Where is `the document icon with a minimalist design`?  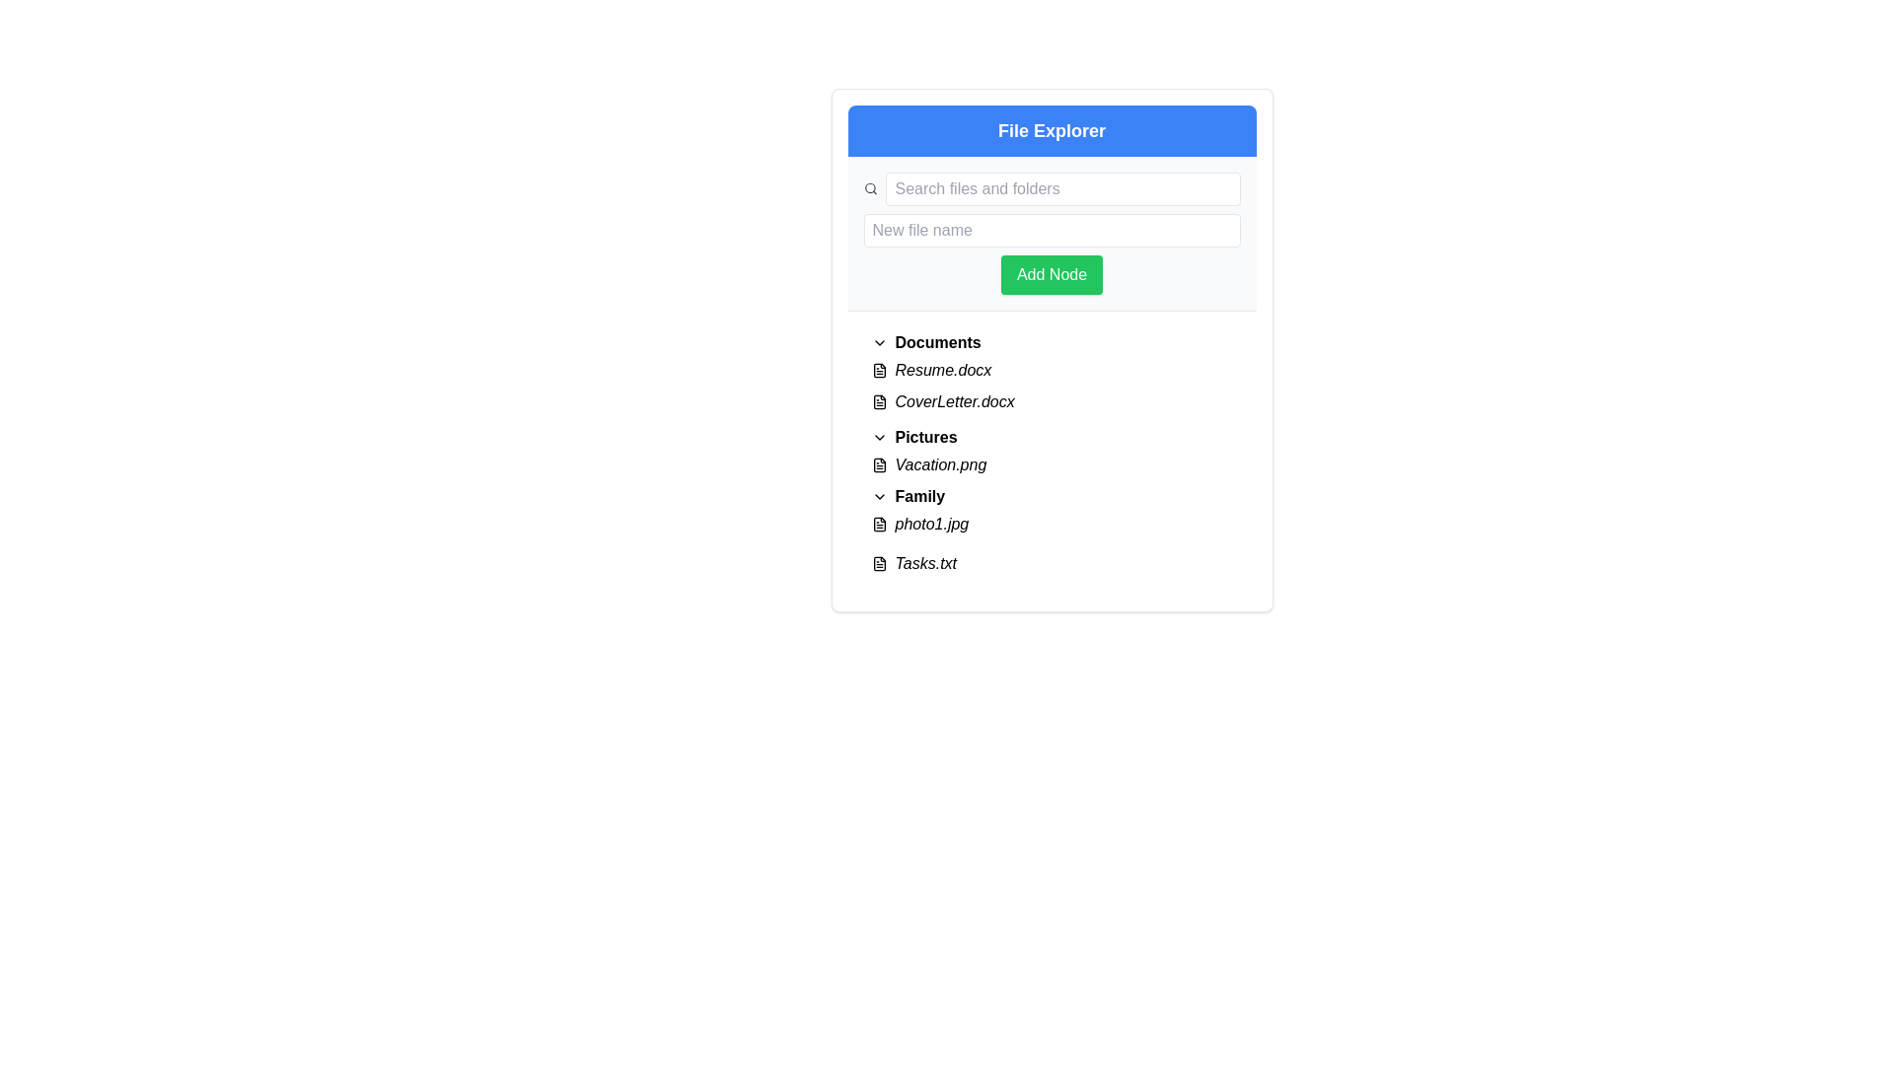
the document icon with a minimalist design is located at coordinates (878, 401).